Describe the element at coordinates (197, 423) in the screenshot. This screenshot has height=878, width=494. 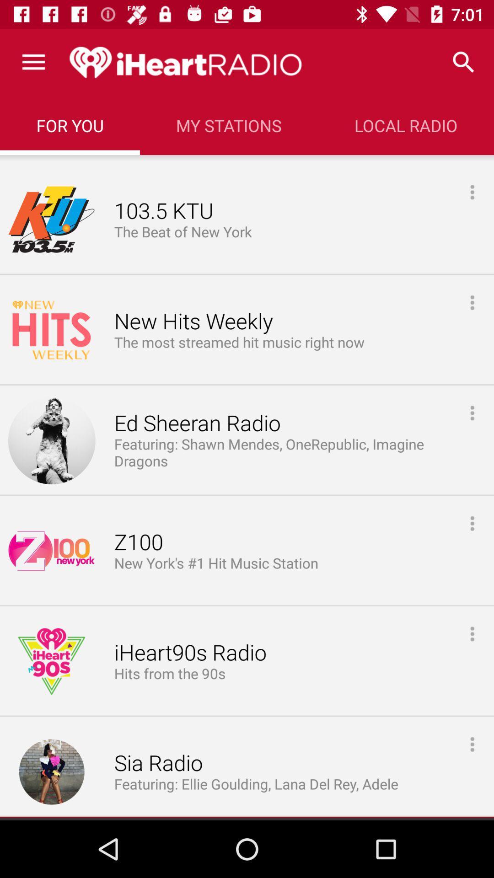
I see `icon above featuring shawn mendes icon` at that location.